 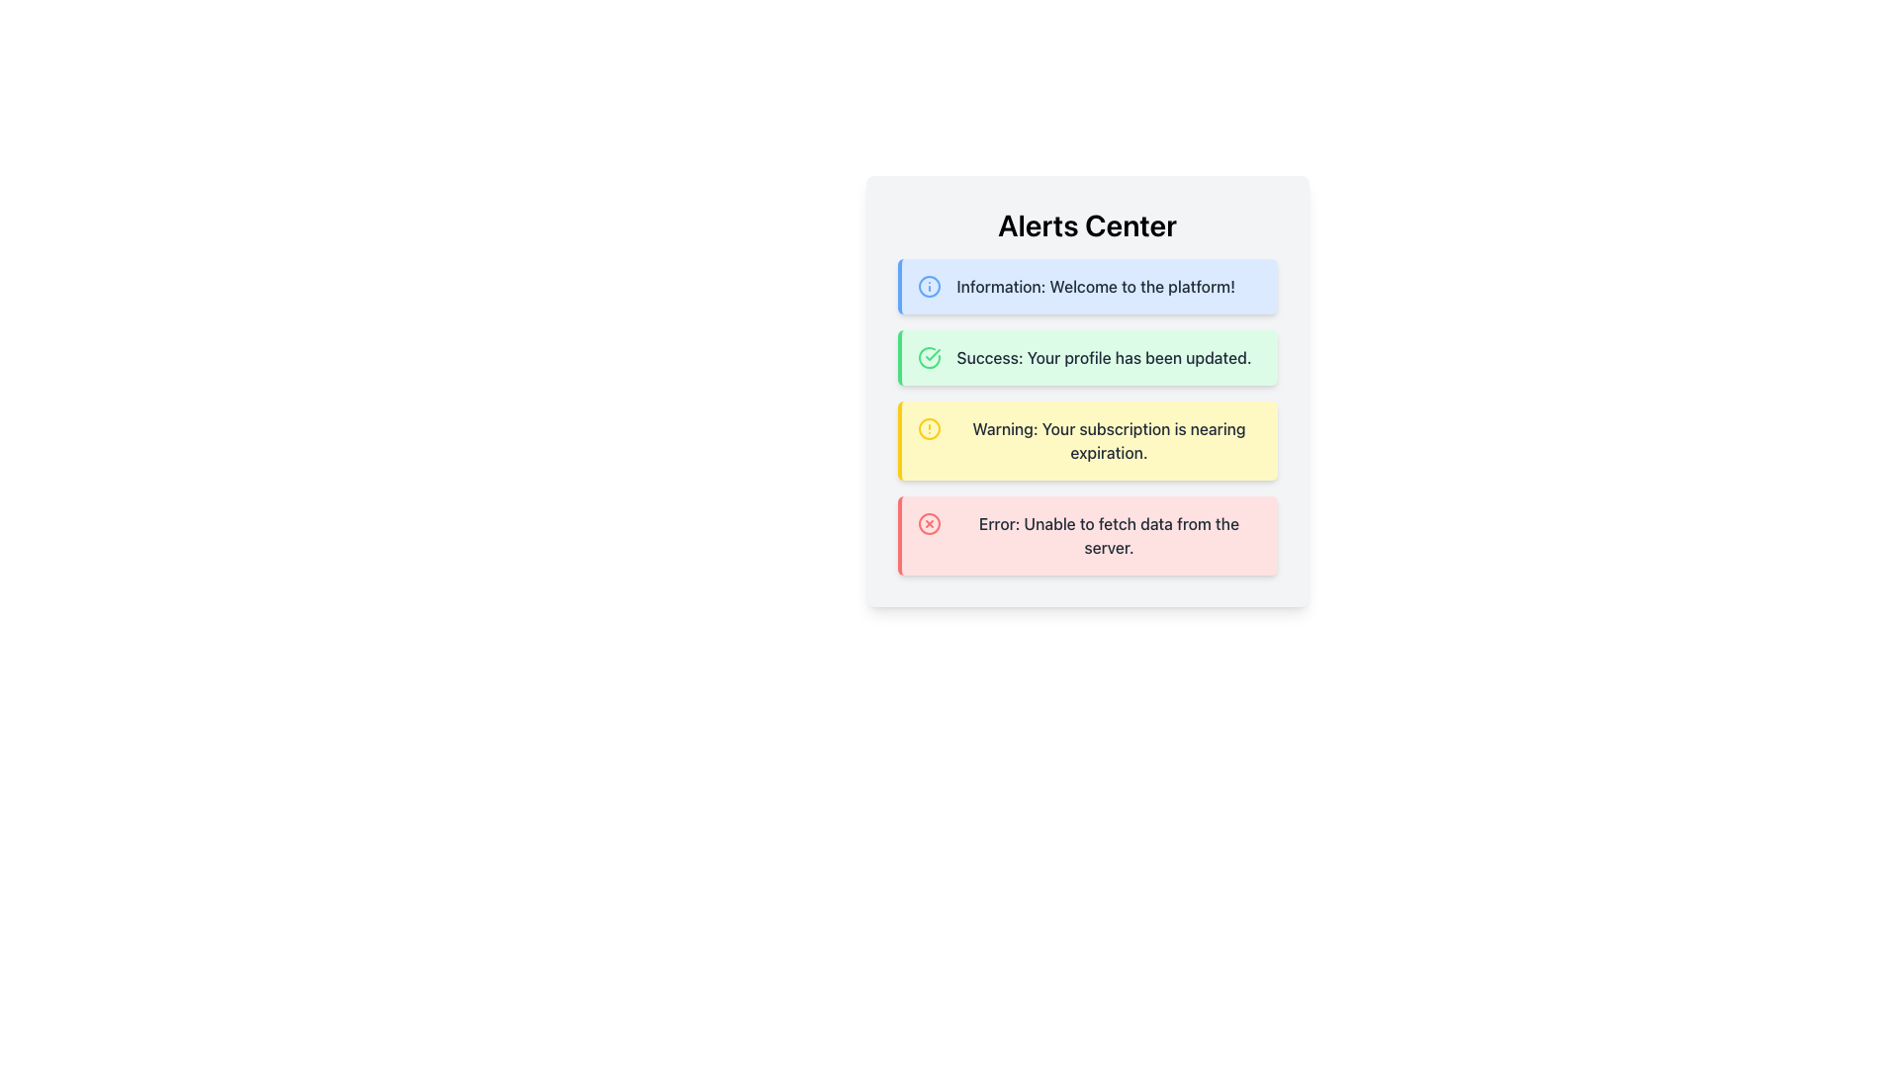 I want to click on the informational icon located in the first row under the 'Alerts Center' title, positioned to the left of the blue informational text box, so click(x=928, y=286).